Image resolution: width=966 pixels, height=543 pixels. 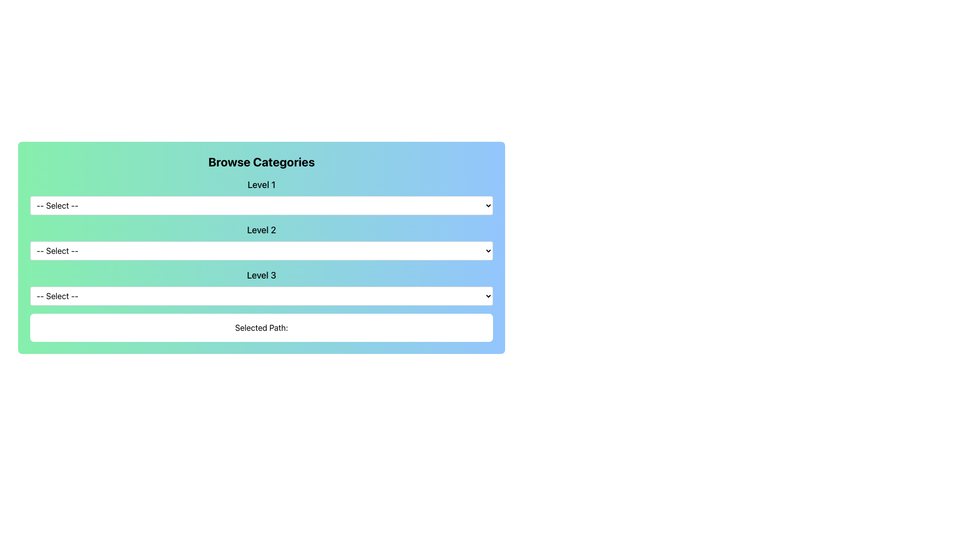 What do you see at coordinates (261, 296) in the screenshot?
I see `the dropdown menu button labeled '-- Select --'` at bounding box center [261, 296].